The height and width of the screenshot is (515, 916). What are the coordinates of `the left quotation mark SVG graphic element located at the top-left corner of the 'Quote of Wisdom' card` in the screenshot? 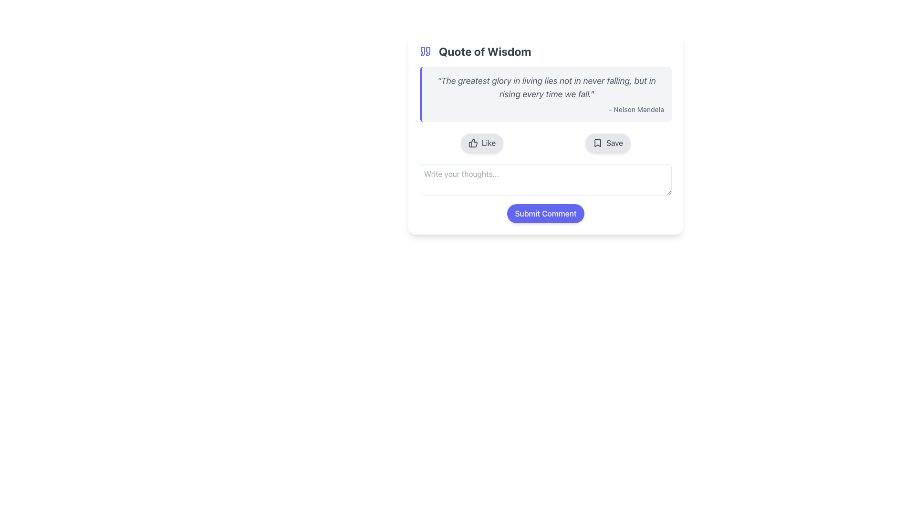 It's located at (422, 51).